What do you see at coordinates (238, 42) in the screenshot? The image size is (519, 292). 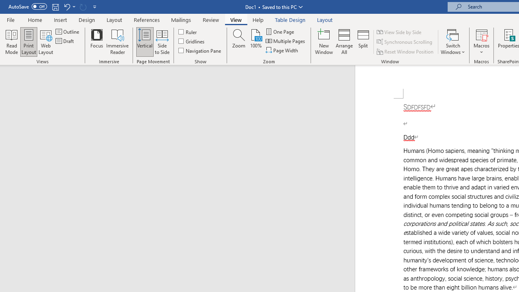 I see `'Zoom...'` at bounding box center [238, 42].